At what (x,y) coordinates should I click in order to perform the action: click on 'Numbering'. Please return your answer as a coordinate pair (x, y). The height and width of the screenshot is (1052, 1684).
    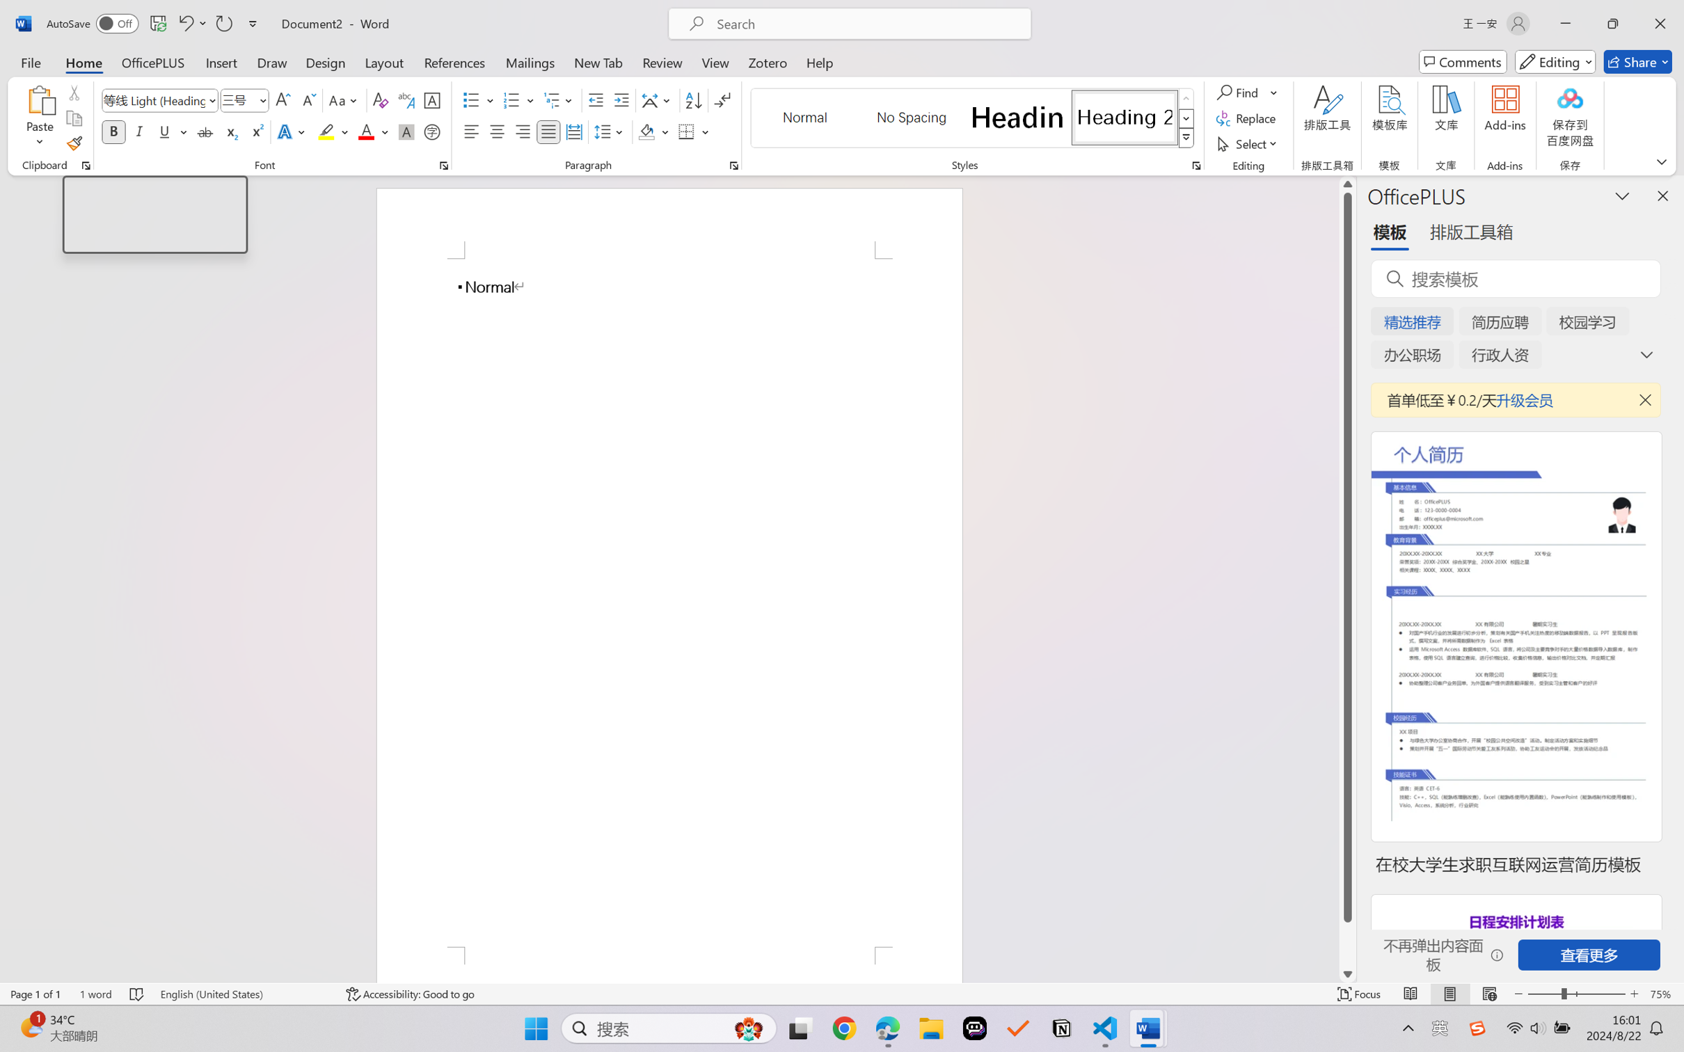
    Looking at the image, I should click on (511, 100).